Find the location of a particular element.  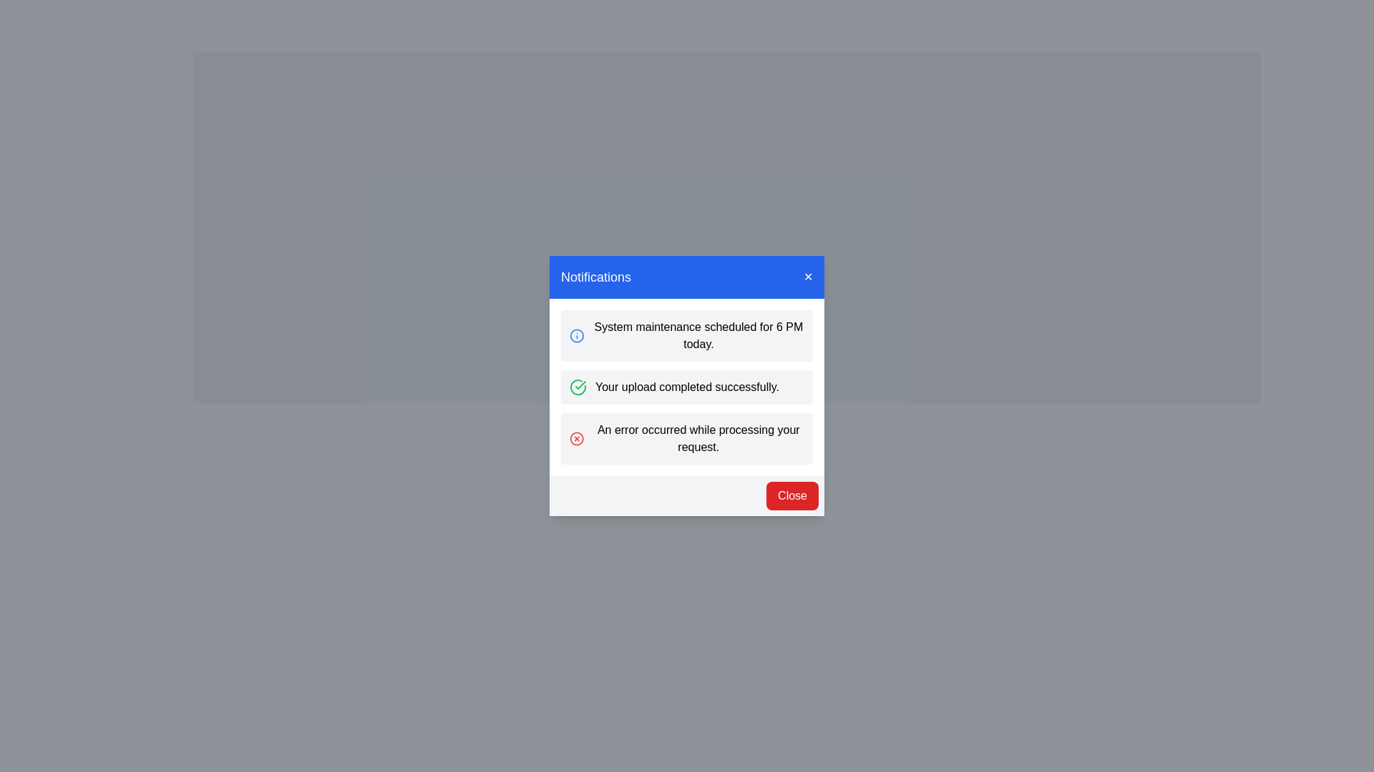

the icon associated with the notification type Info is located at coordinates (577, 336).